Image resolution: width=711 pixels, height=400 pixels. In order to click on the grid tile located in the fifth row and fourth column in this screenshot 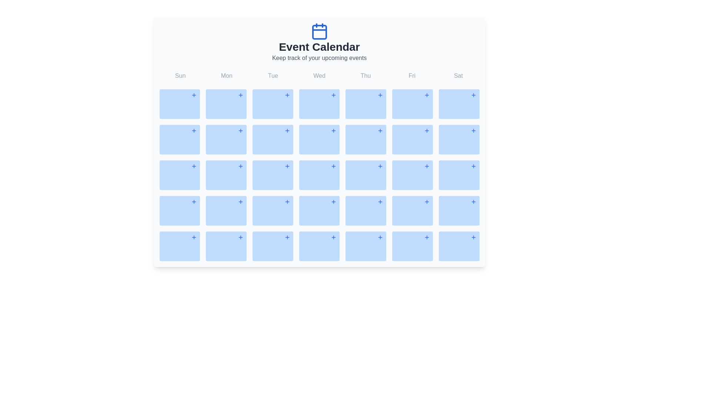, I will do `click(319, 211)`.